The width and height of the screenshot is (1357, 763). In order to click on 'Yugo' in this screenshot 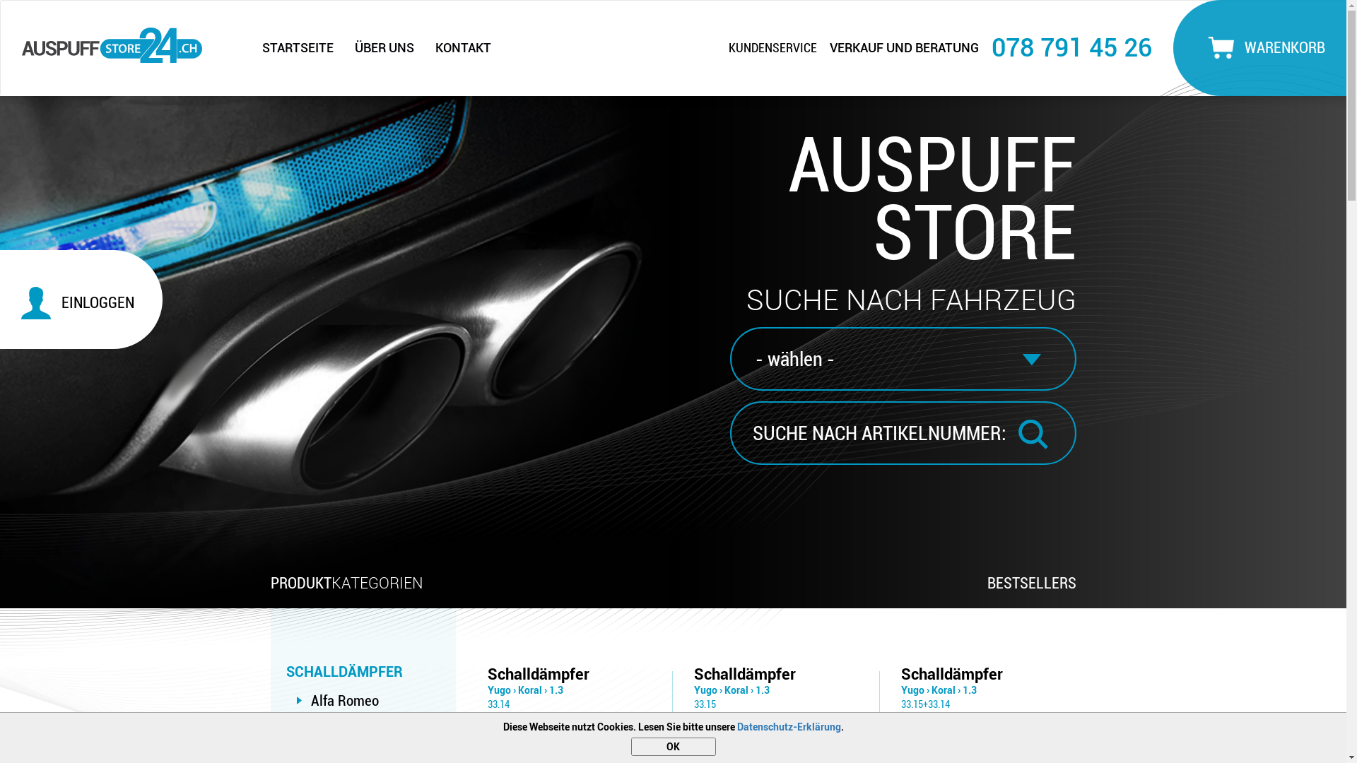, I will do `click(488, 689)`.